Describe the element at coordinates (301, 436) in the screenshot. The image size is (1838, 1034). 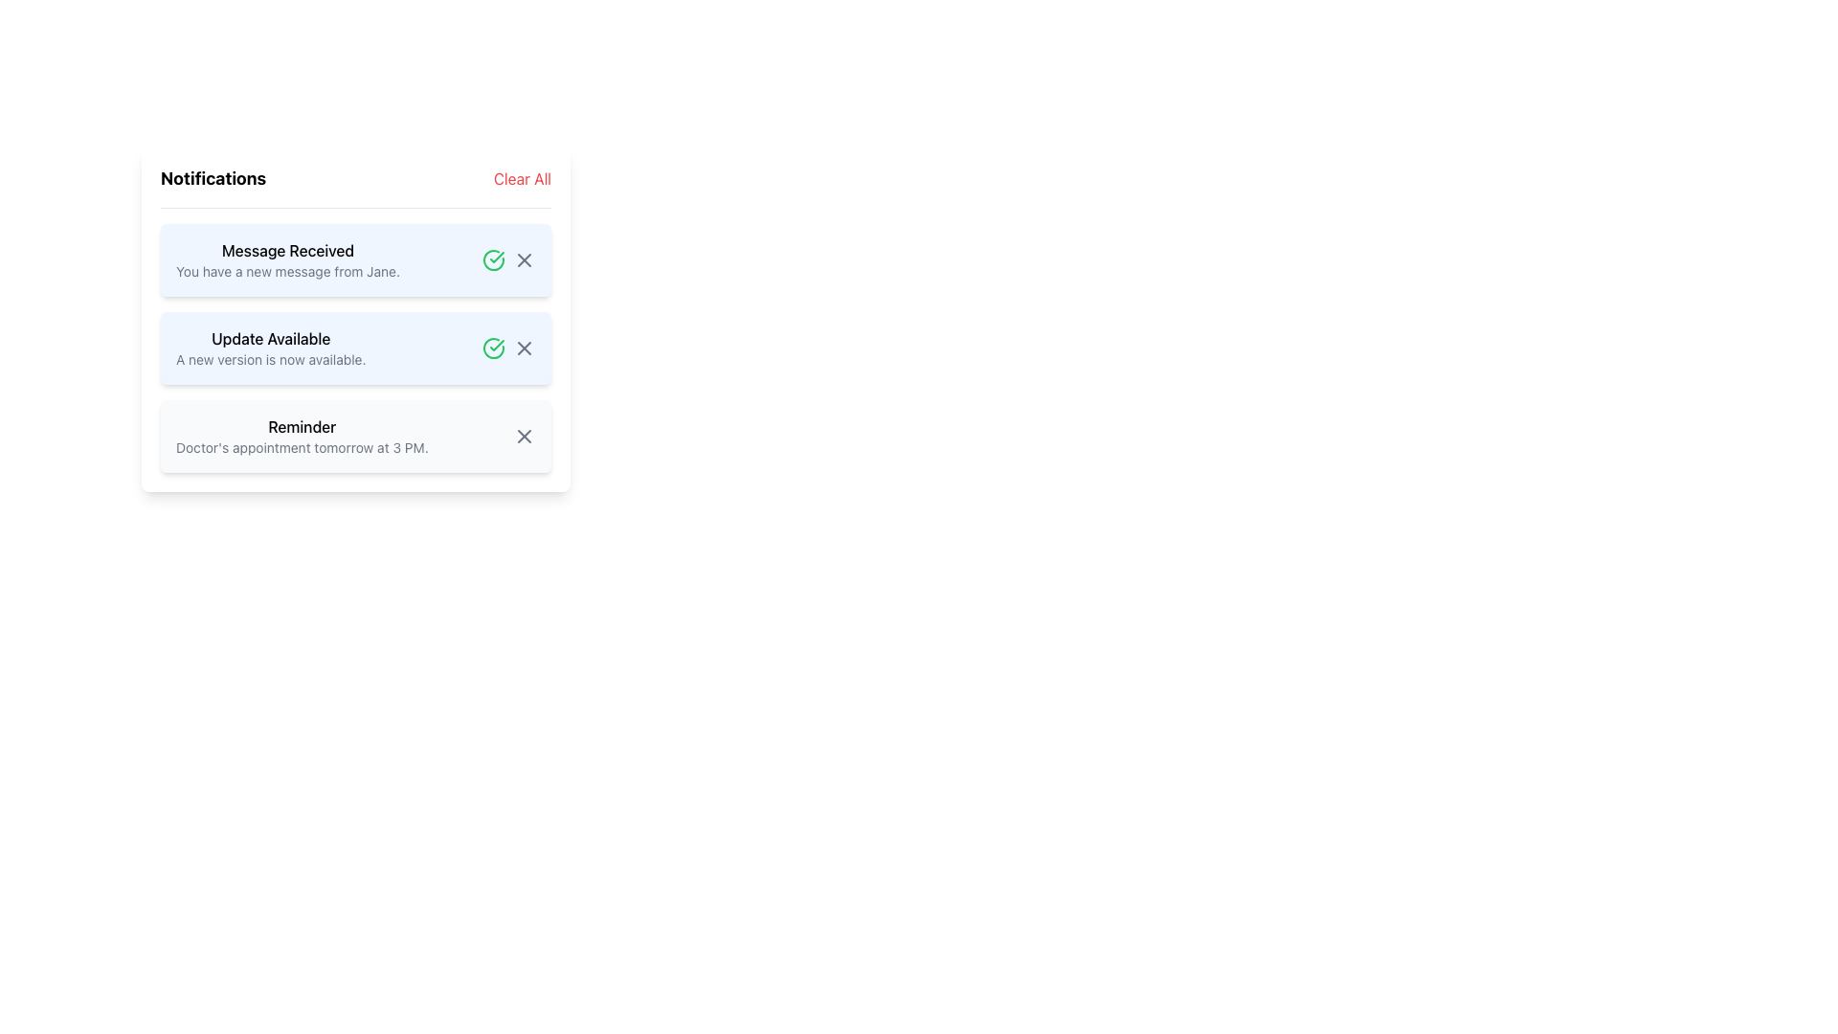
I see `the text block that contains the heading 'Reminder' and the message 'Doctor's appointment tomorrow at 3 PM.'` at that location.